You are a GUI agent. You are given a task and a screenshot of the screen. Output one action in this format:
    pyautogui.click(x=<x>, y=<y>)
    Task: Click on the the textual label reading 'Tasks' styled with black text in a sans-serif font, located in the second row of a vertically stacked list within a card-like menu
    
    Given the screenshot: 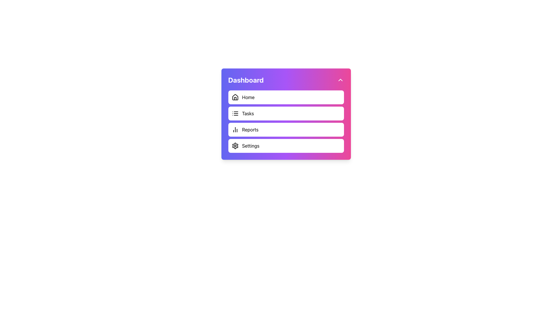 What is the action you would take?
    pyautogui.click(x=248, y=114)
    